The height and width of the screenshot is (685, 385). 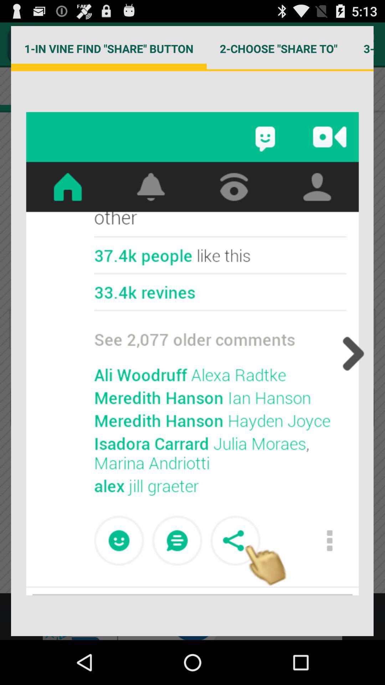 I want to click on the icon on the right, so click(x=351, y=354).